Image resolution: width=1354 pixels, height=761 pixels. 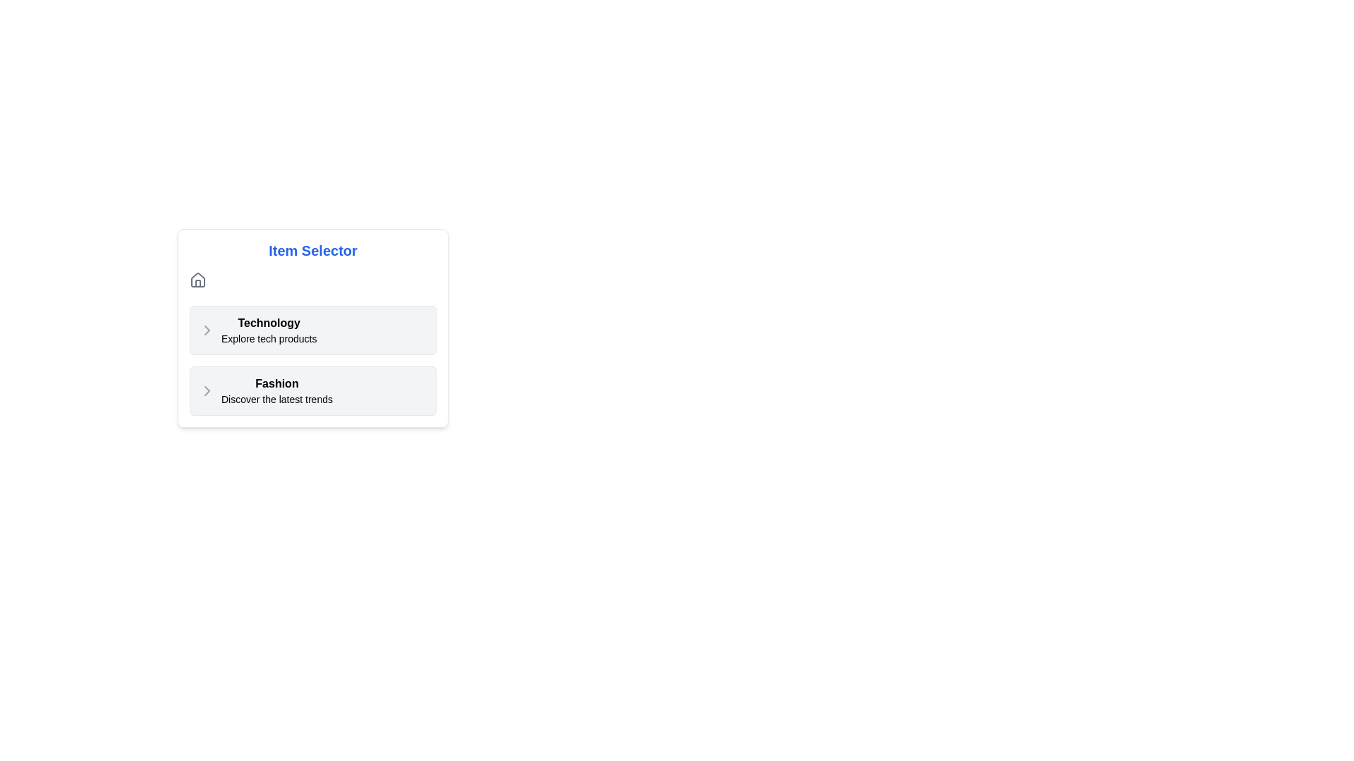 What do you see at coordinates (197, 280) in the screenshot?
I see `the home icon located at the top left corner of the white rectangular card` at bounding box center [197, 280].